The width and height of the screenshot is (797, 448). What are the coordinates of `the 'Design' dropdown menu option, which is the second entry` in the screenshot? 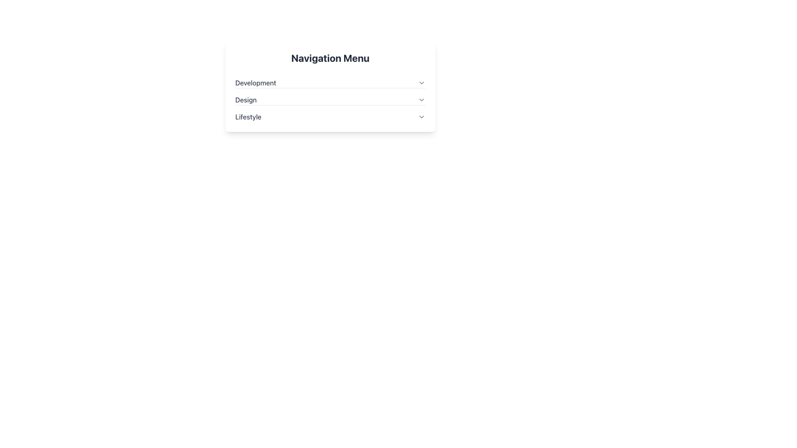 It's located at (330, 99).